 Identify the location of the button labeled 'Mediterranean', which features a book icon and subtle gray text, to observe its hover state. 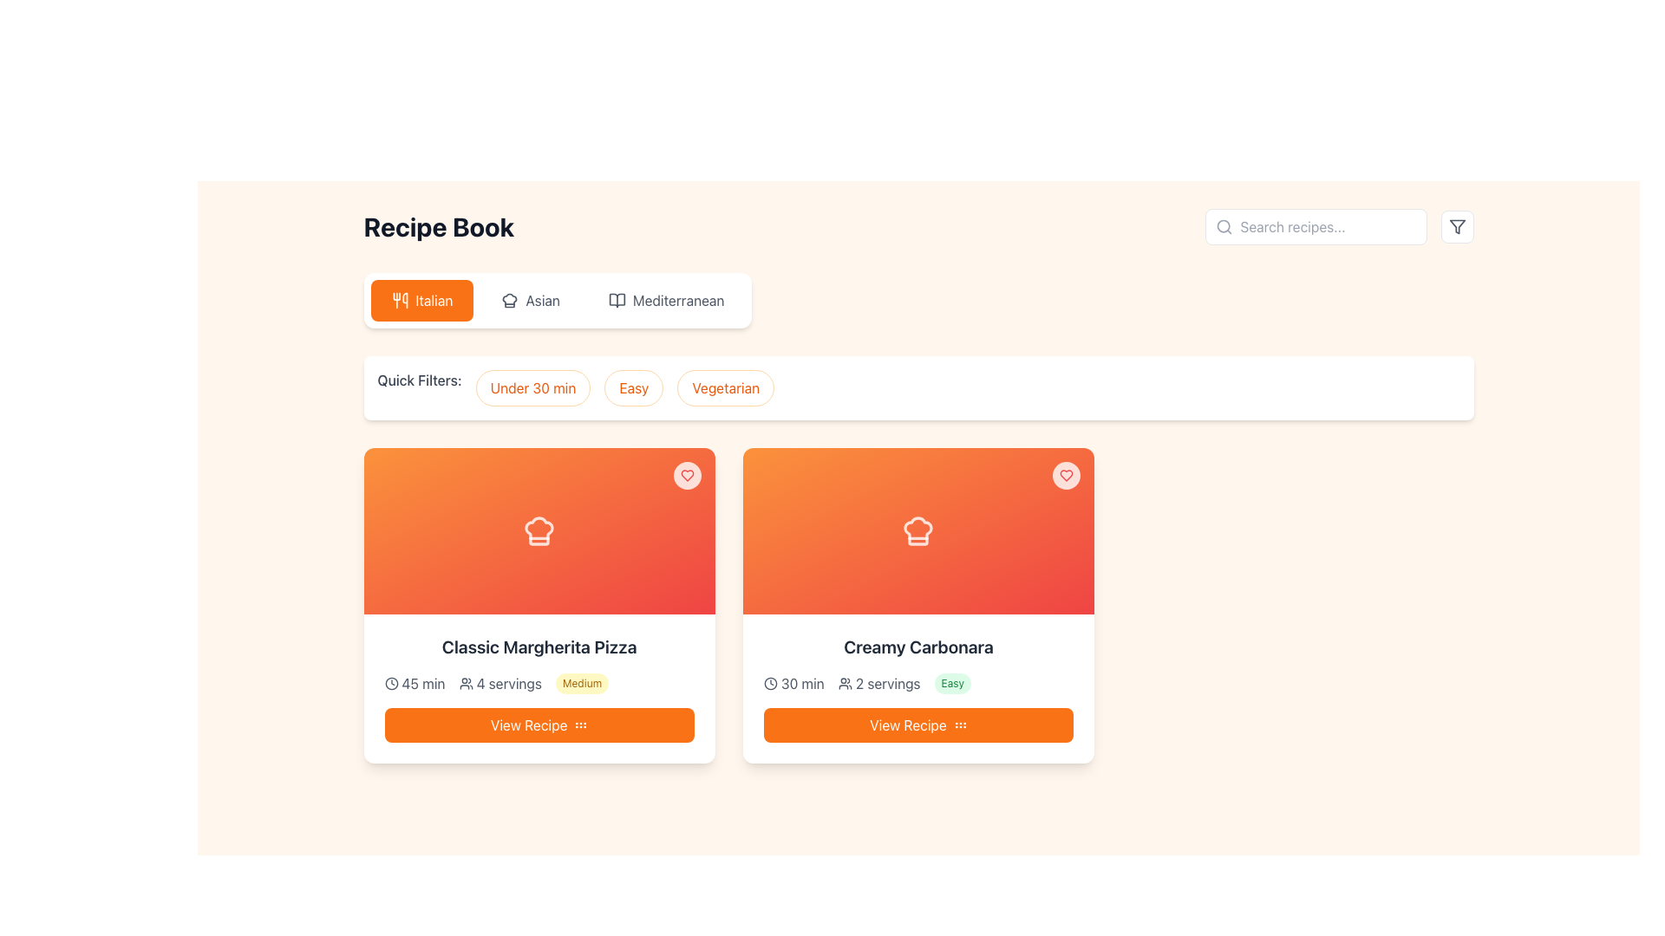
(665, 300).